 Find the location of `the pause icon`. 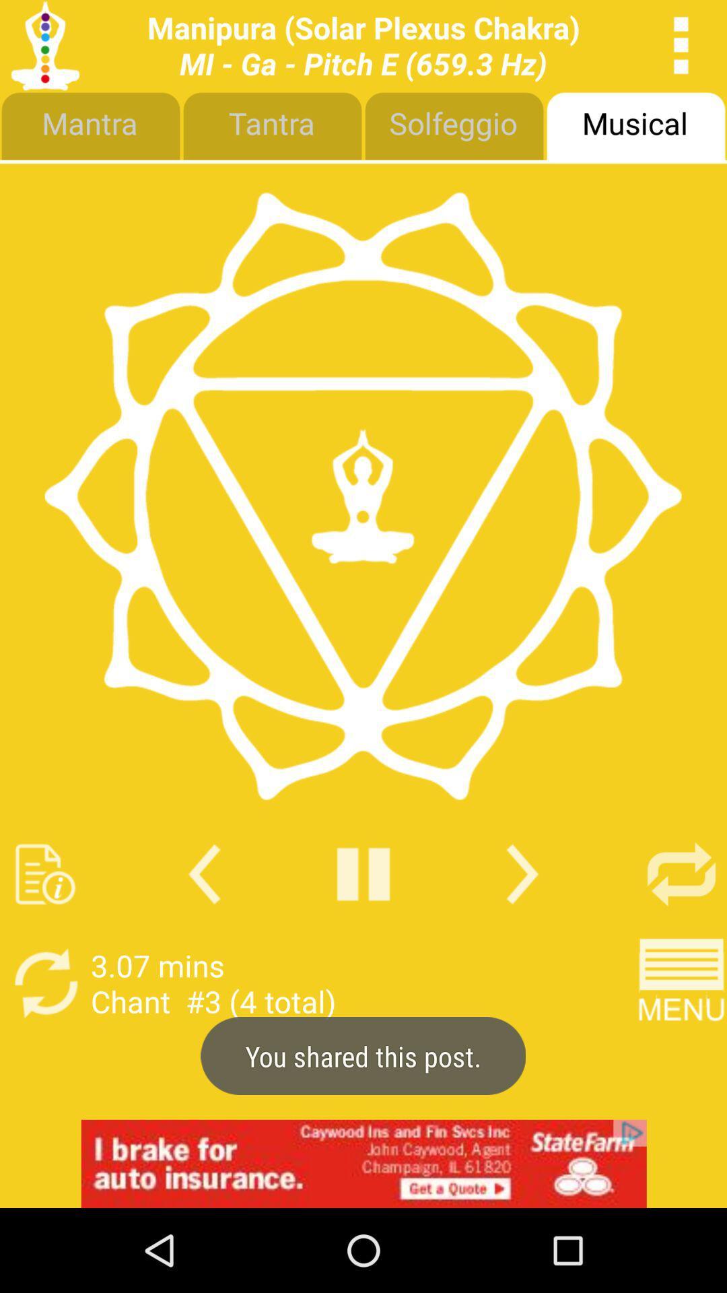

the pause icon is located at coordinates (363, 935).